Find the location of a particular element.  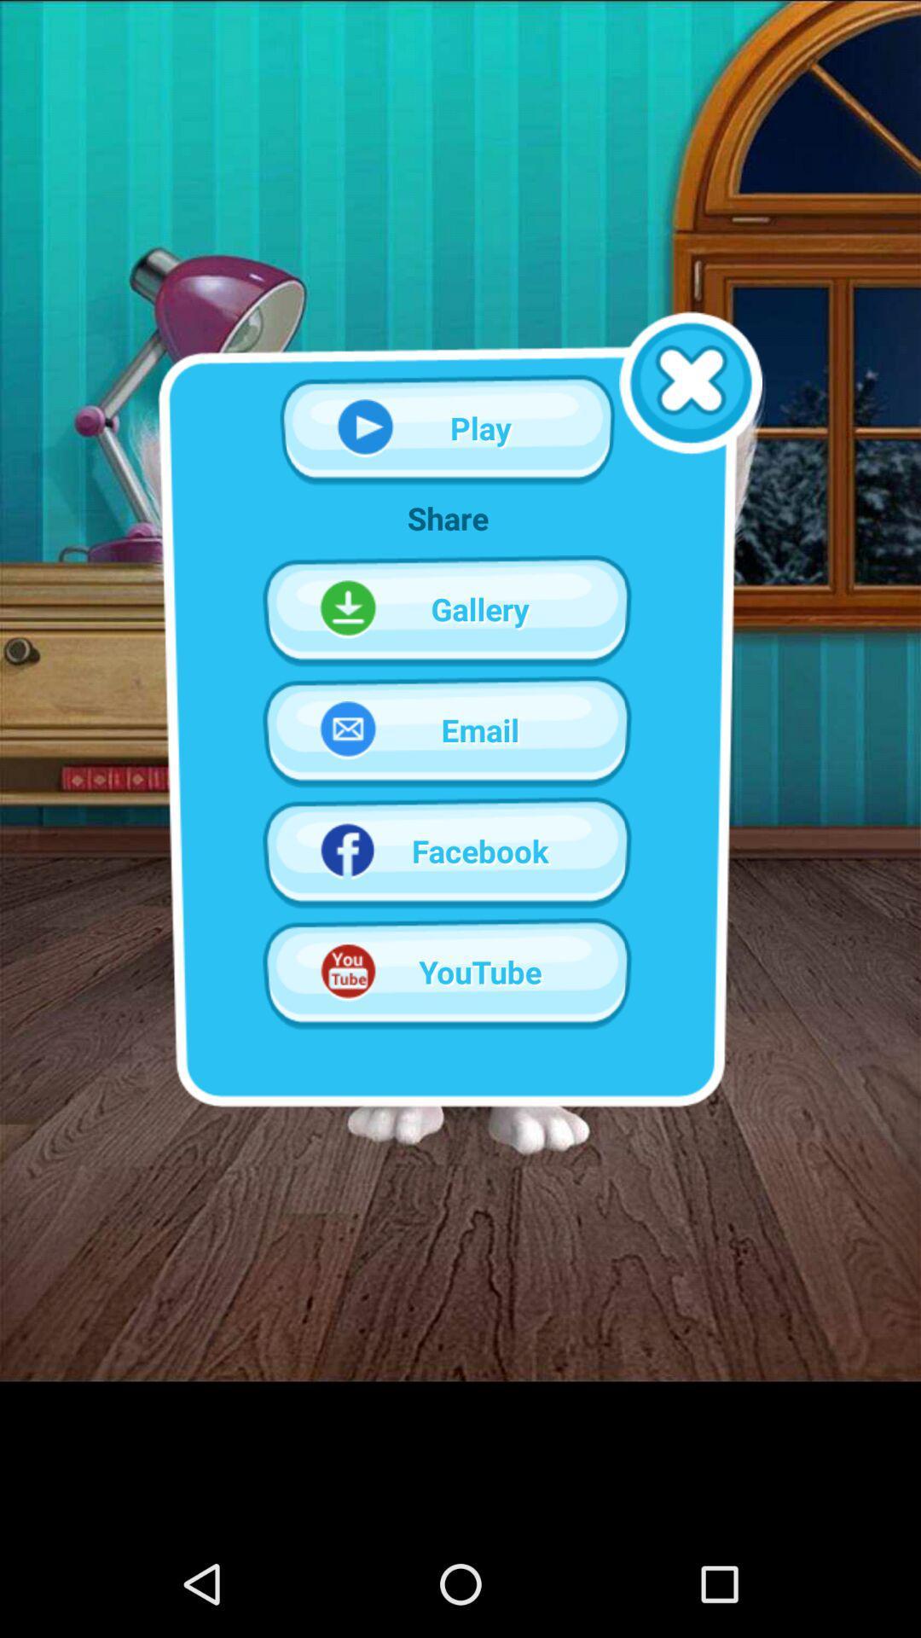

exit is located at coordinates (691, 382).